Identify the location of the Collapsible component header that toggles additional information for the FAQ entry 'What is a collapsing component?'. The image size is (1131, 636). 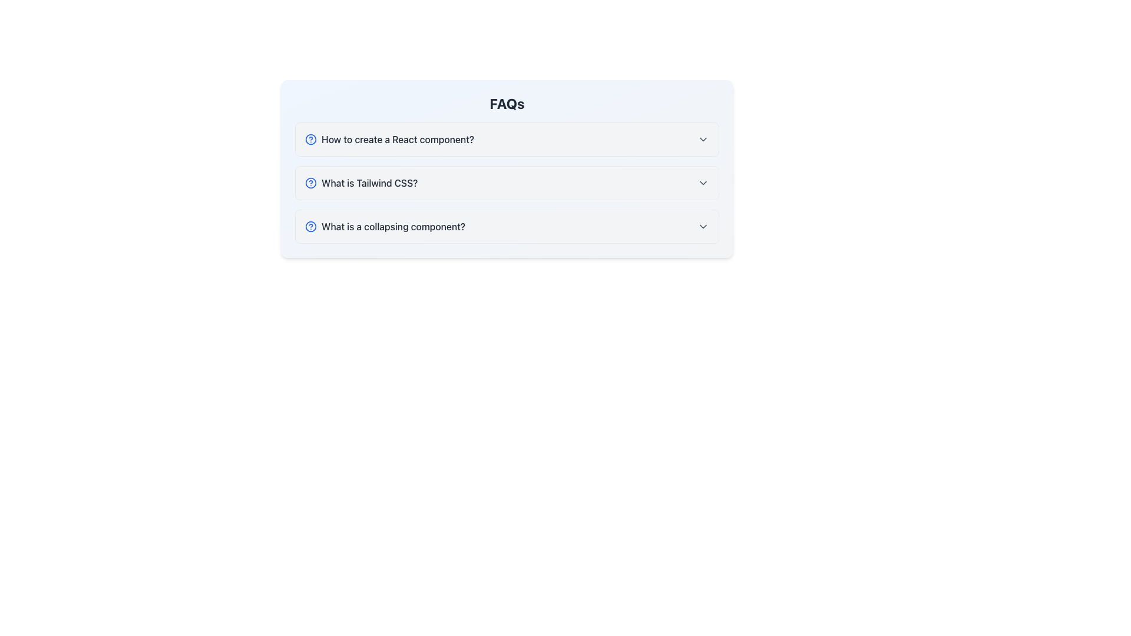
(507, 227).